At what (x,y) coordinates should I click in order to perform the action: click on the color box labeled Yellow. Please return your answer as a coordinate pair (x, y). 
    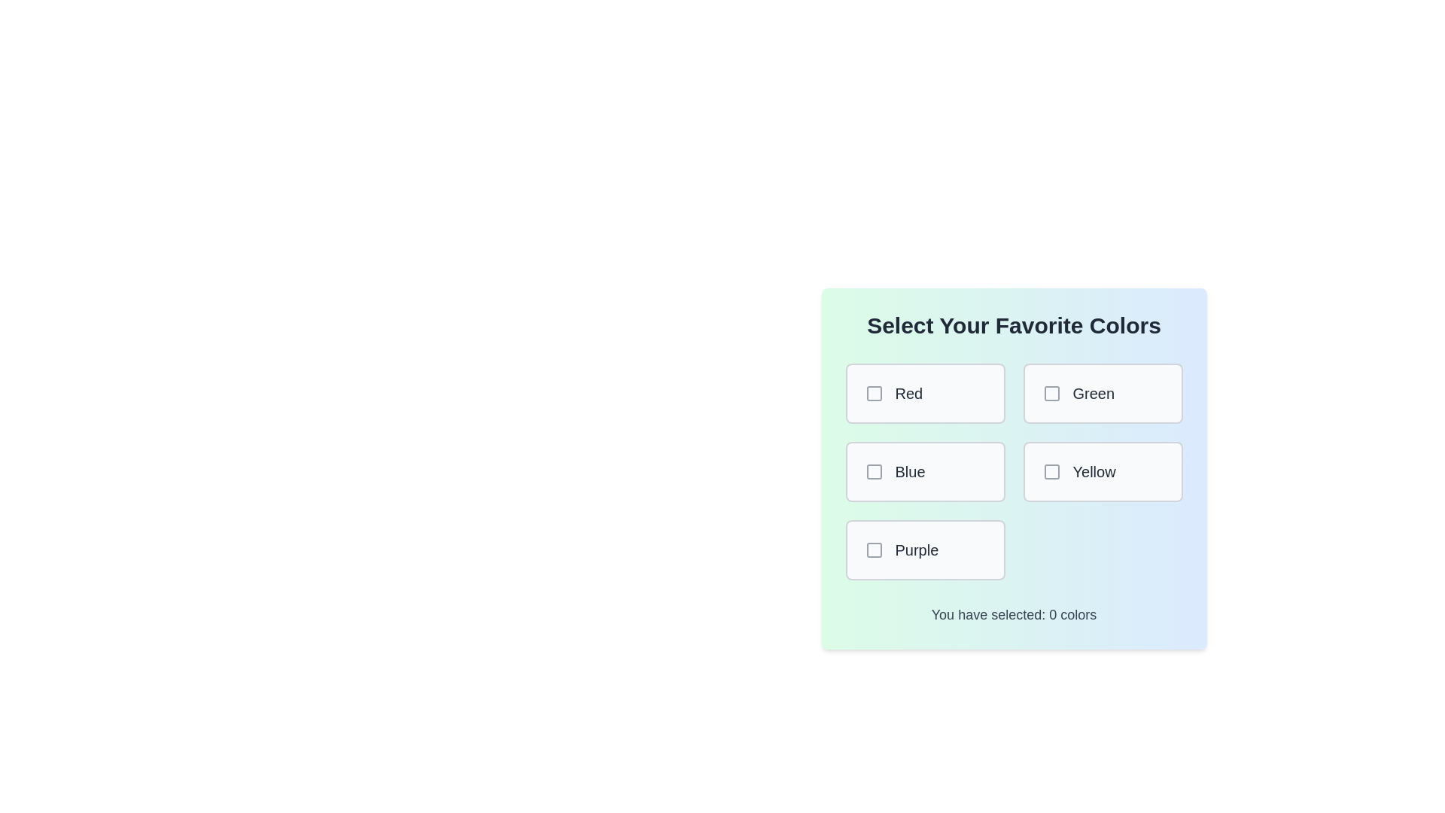
    Looking at the image, I should click on (1103, 471).